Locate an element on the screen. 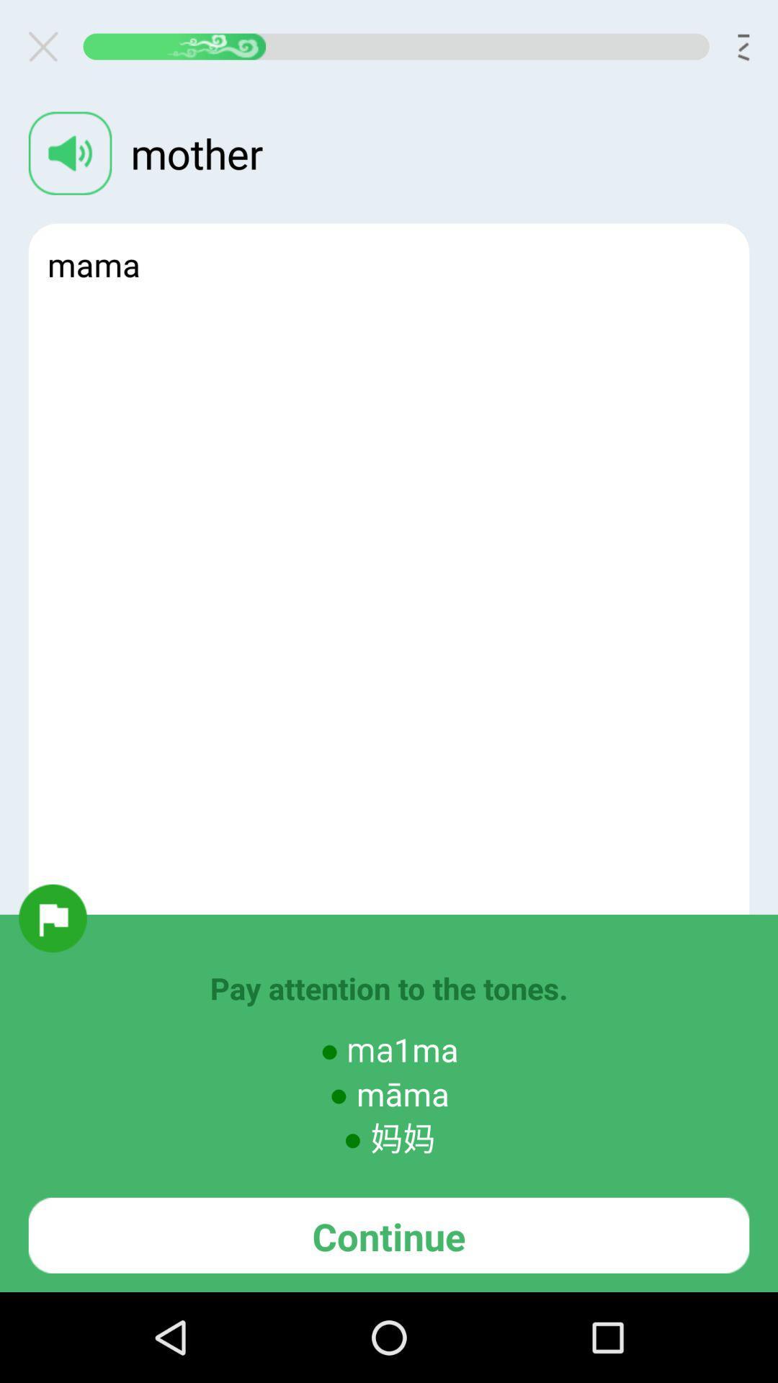 The image size is (778, 1383). the page is located at coordinates (48, 46).